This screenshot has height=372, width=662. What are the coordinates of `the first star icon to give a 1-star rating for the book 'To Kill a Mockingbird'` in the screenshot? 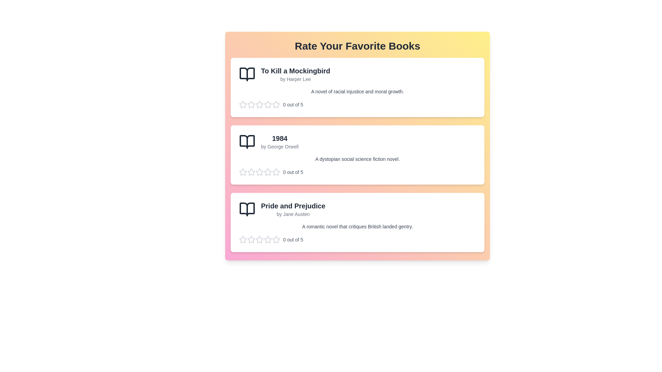 It's located at (268, 104).